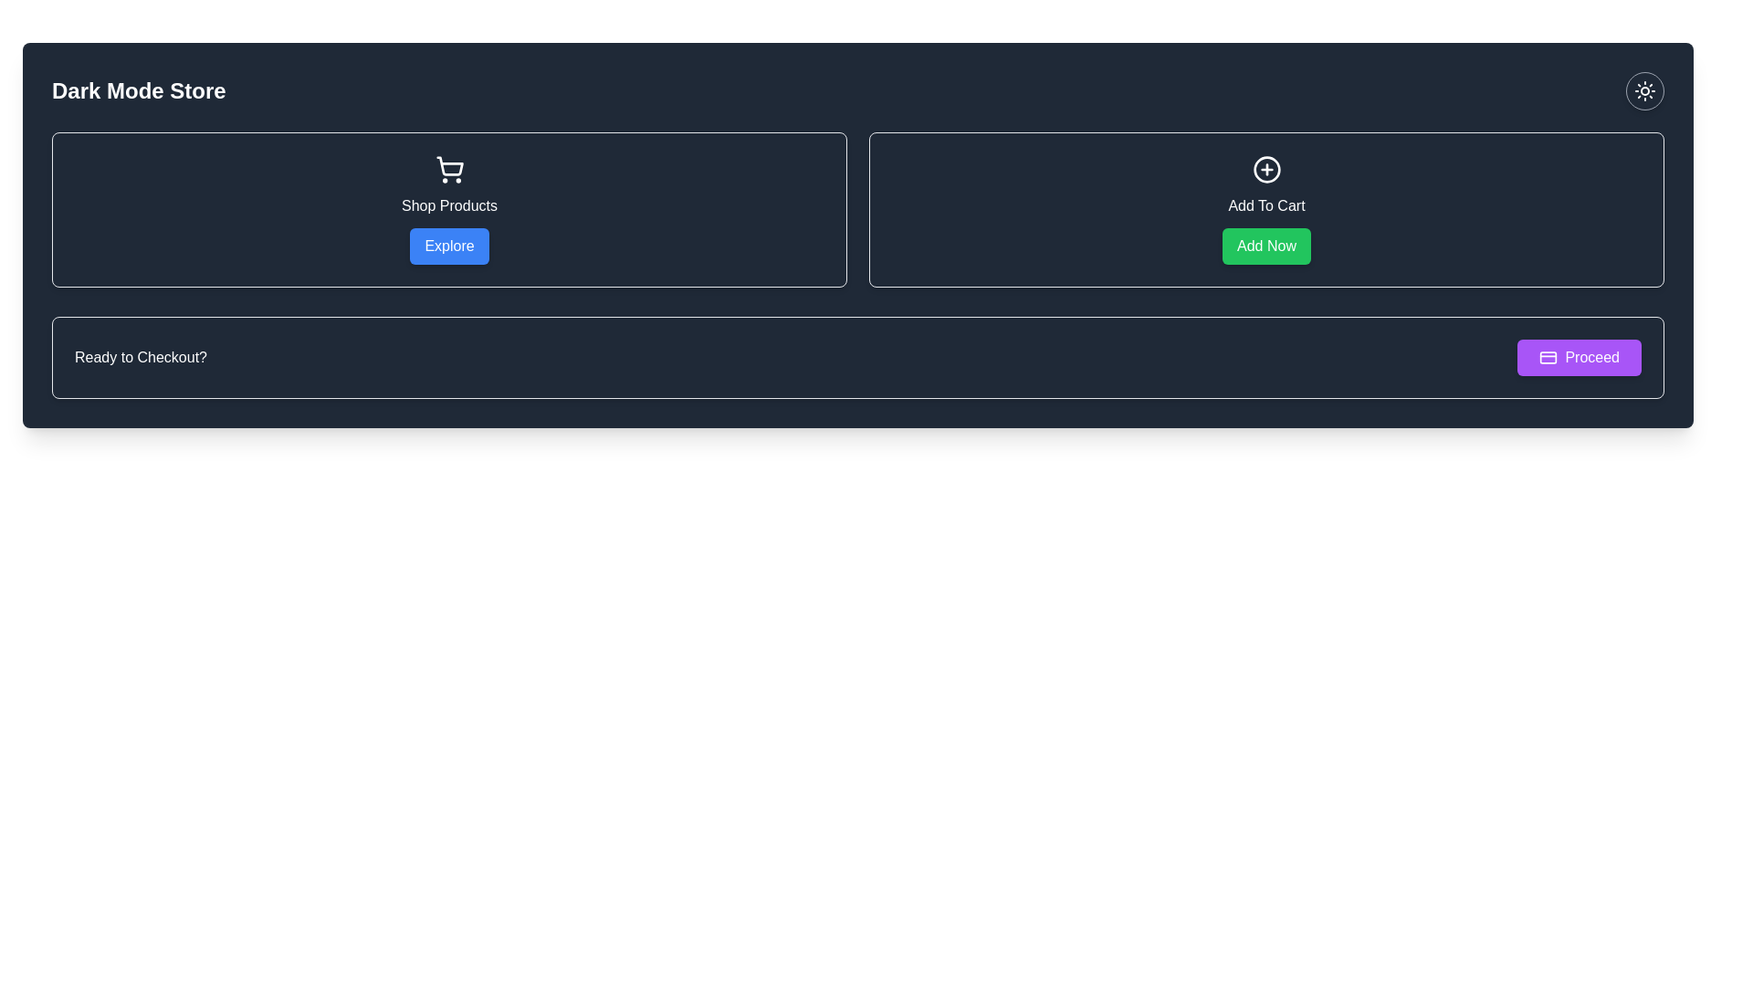 This screenshot has width=1753, height=986. What do you see at coordinates (449, 205) in the screenshot?
I see `the label that identifies the shopping section, located below the shopping cart icon and above the 'Explore' button` at bounding box center [449, 205].